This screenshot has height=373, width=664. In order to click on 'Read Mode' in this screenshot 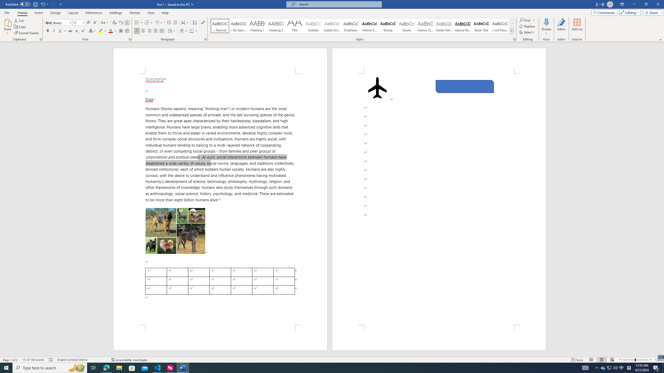, I will do `click(591, 360)`.